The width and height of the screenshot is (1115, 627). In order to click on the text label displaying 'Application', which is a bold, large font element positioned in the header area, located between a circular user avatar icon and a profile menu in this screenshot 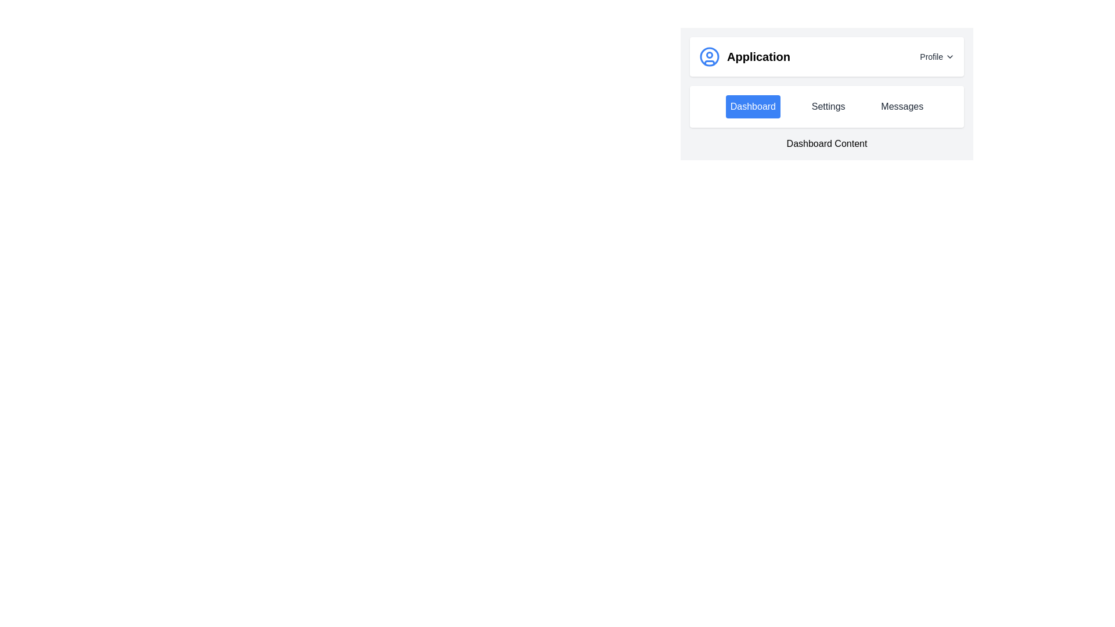, I will do `click(758, 56)`.